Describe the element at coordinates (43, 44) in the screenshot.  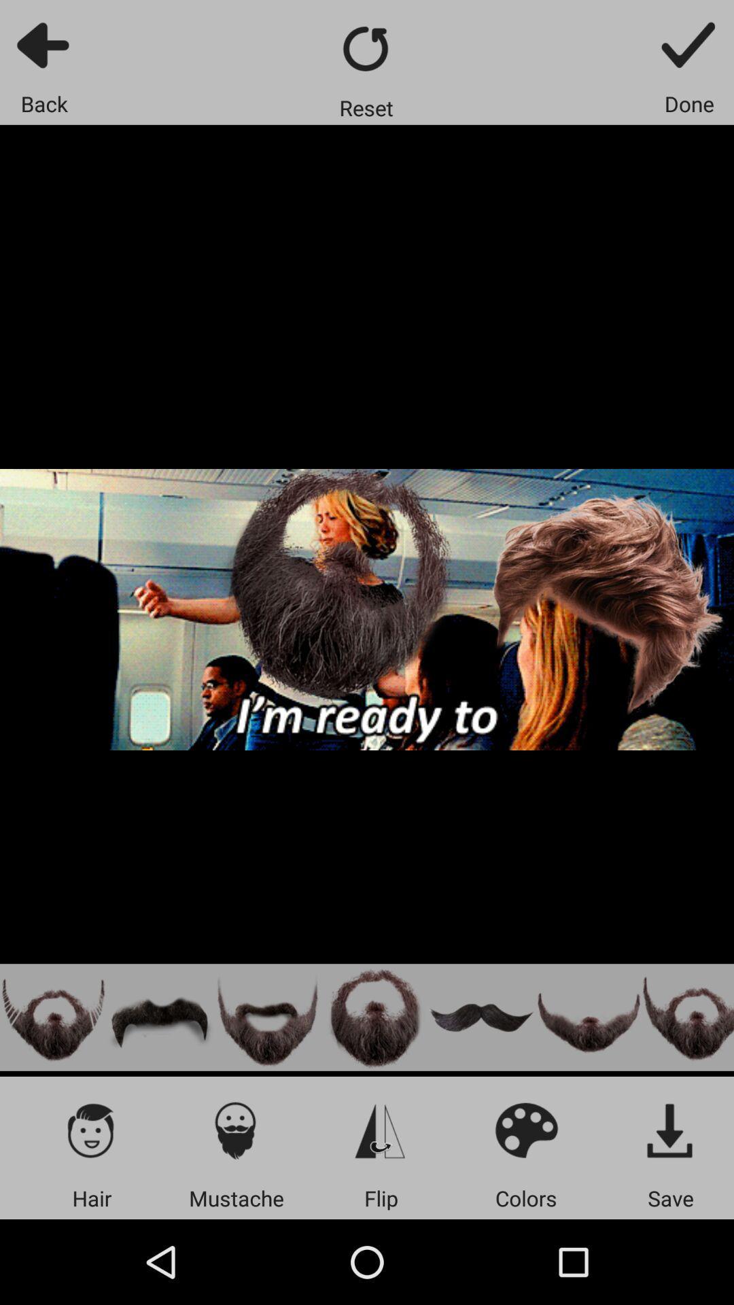
I see `go back` at that location.